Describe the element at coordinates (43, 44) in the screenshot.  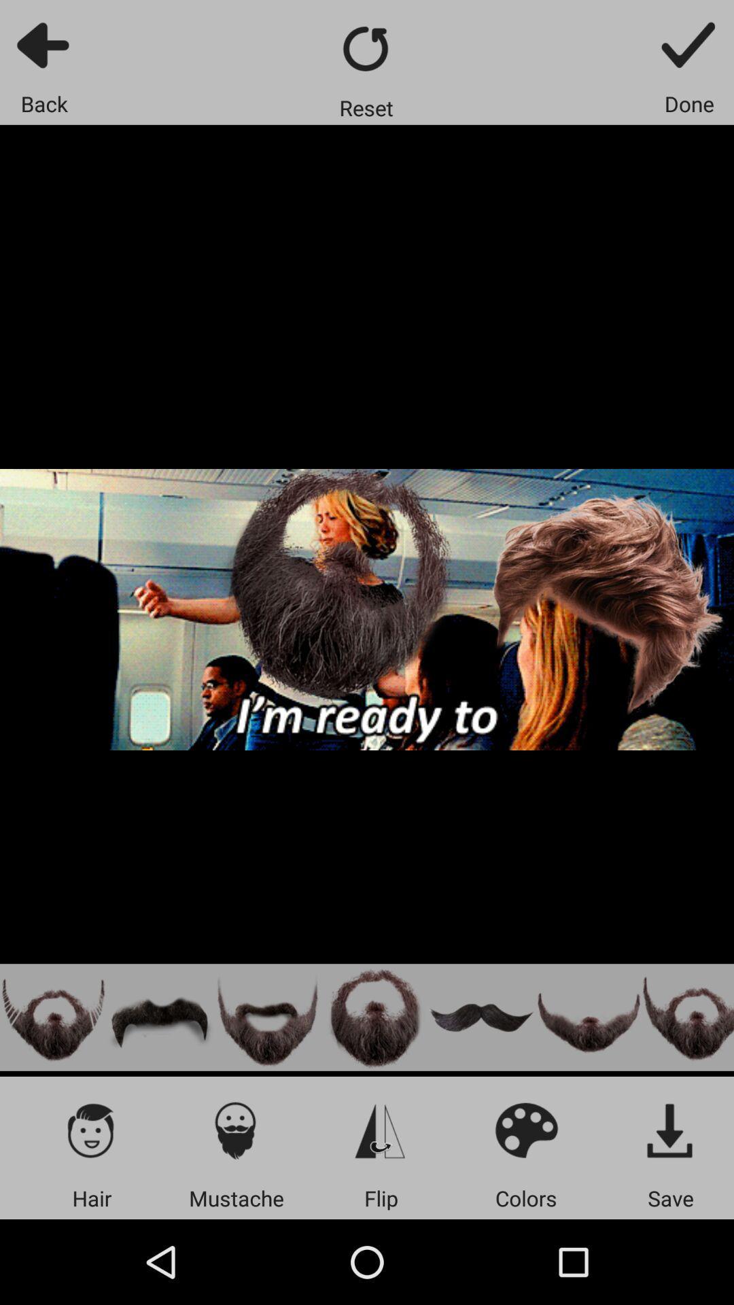
I see `go back` at that location.